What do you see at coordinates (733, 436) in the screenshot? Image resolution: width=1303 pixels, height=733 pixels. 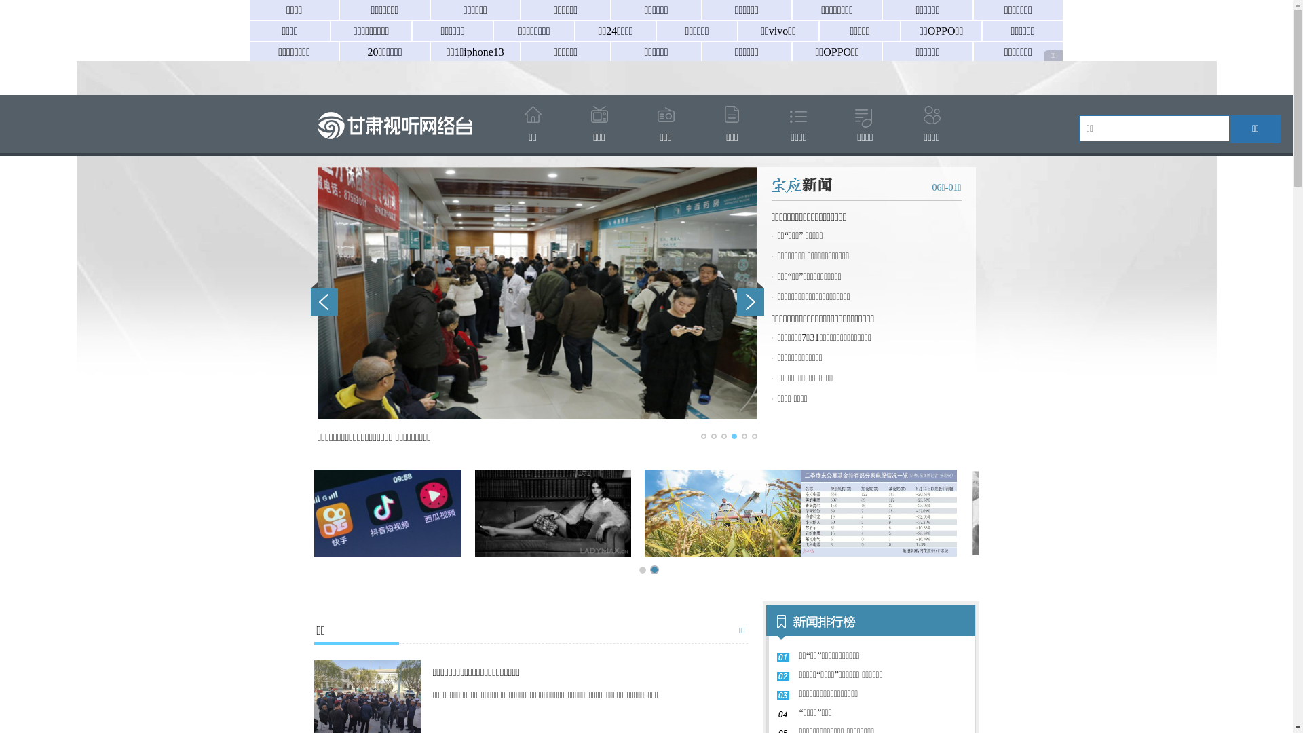 I see `'4'` at bounding box center [733, 436].